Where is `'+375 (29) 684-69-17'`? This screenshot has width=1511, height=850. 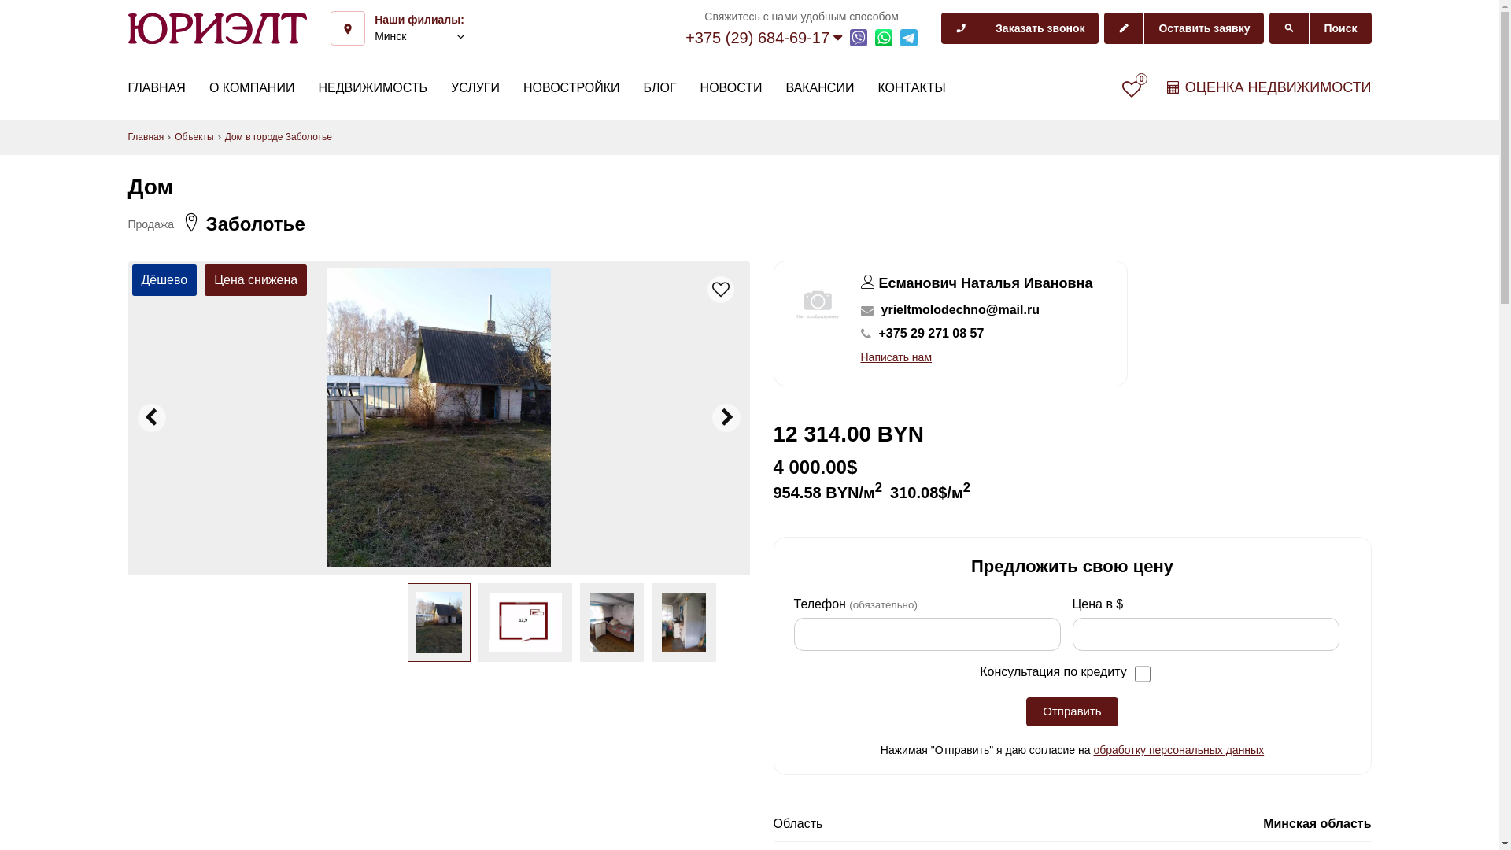
'+375 (29) 684-69-17' is located at coordinates (763, 36).